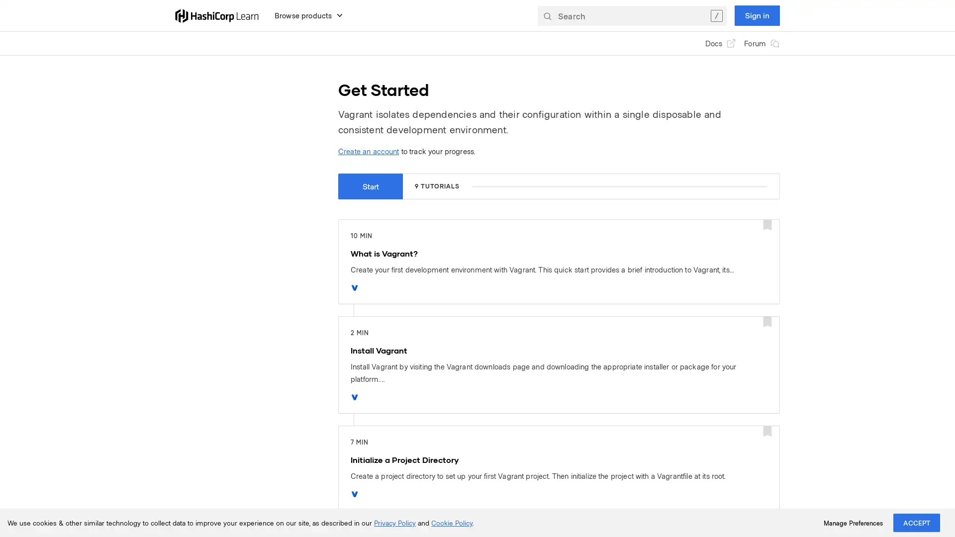 The image size is (955, 537). I want to click on Sign in, so click(757, 15).